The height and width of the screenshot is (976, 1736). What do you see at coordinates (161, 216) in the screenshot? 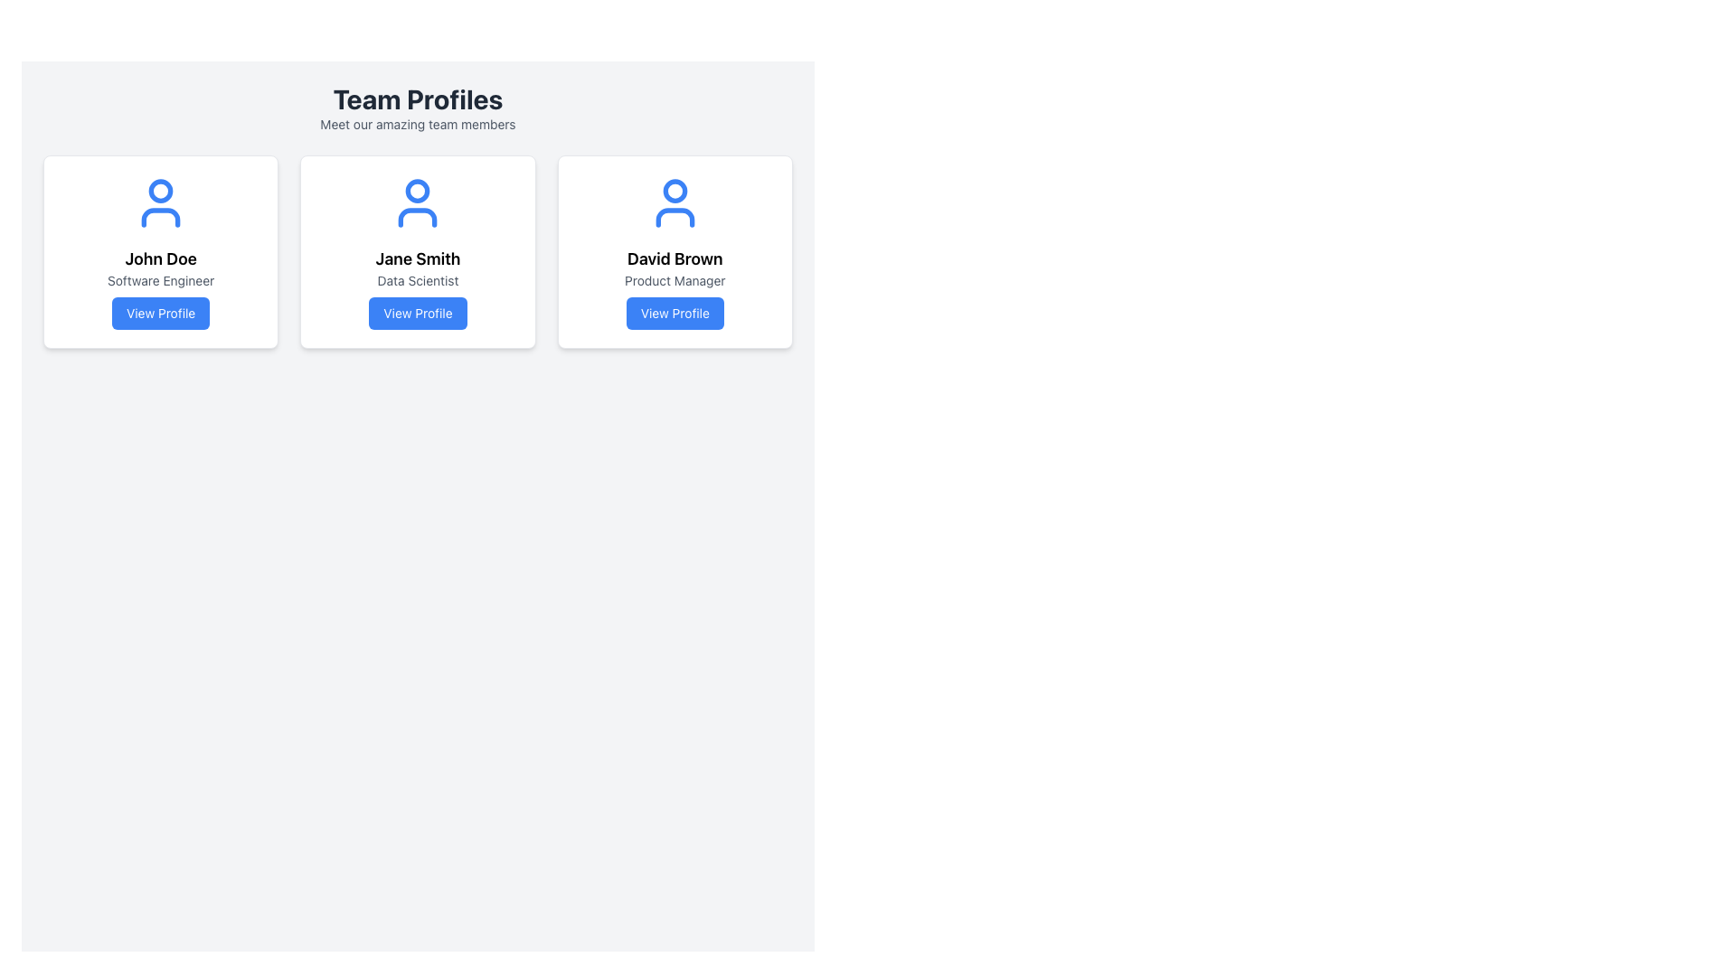
I see `the decorative vector graphic component representing the shoulders and upper body of the user icon for 'John Doe, Software Engineer' located in the first profile card at the top-center of the page` at bounding box center [161, 216].